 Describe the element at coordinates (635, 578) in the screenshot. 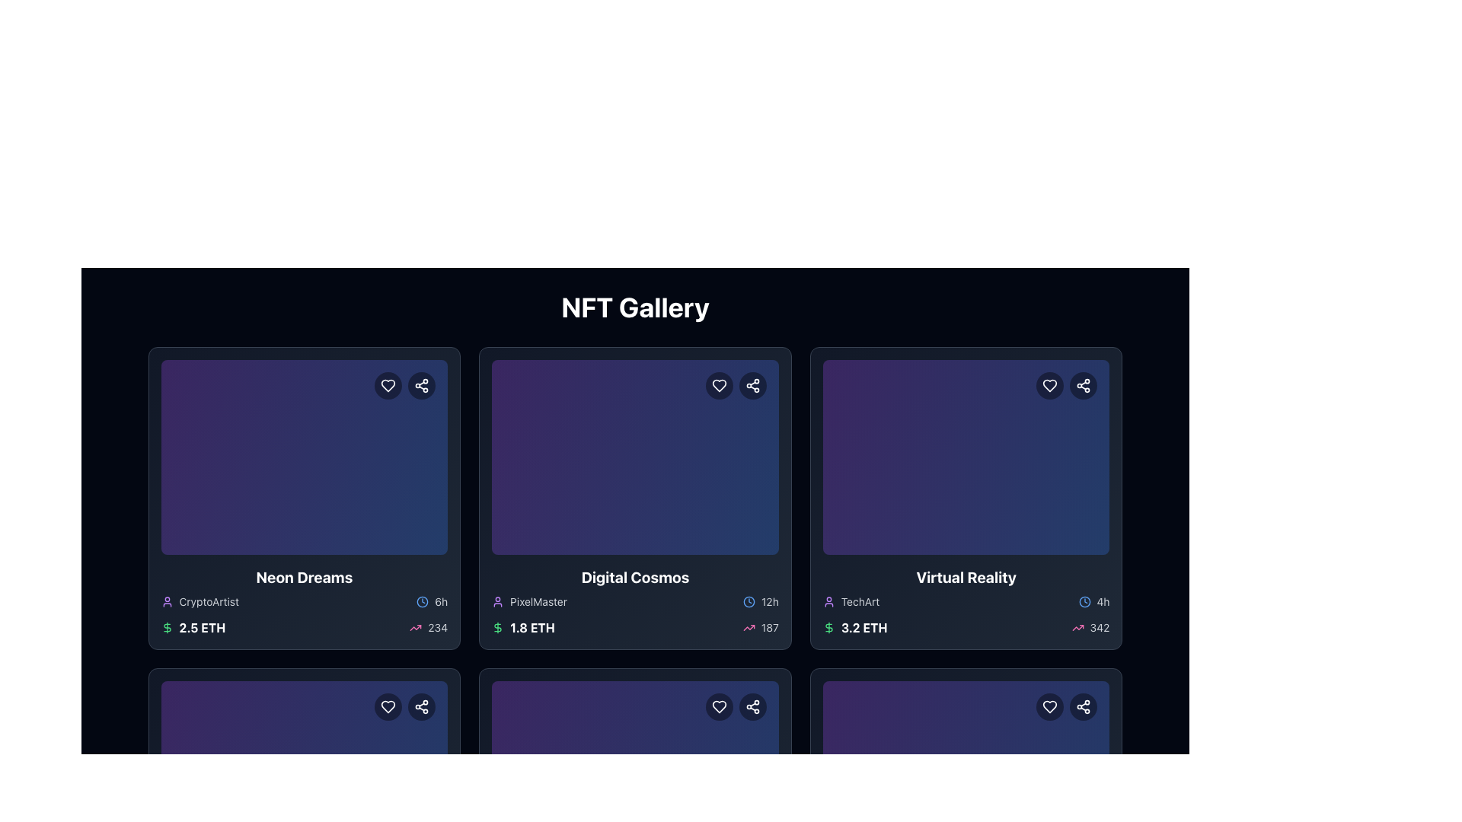

I see `the prominent text label displaying 'Digital Cosmos' located in the middle column of the NFT gallery grid, positioned underneath an image, if it is interactive` at that location.